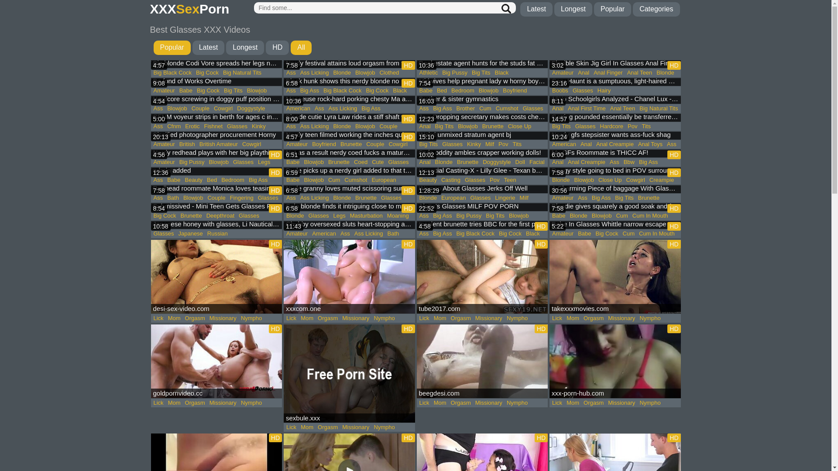 The height and width of the screenshot is (471, 838). What do you see at coordinates (301, 48) in the screenshot?
I see `'All'` at bounding box center [301, 48].